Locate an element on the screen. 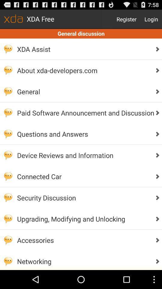 This screenshot has width=162, height=289. the paid software announcement icon is located at coordinates (84, 112).